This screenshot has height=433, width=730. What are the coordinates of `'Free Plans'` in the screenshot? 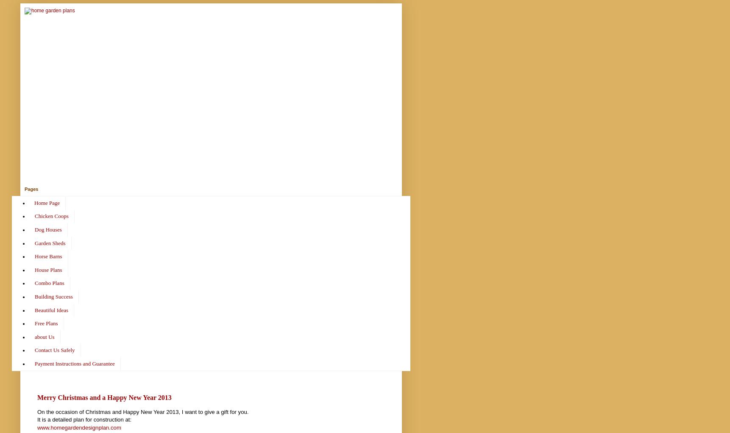 It's located at (46, 323).